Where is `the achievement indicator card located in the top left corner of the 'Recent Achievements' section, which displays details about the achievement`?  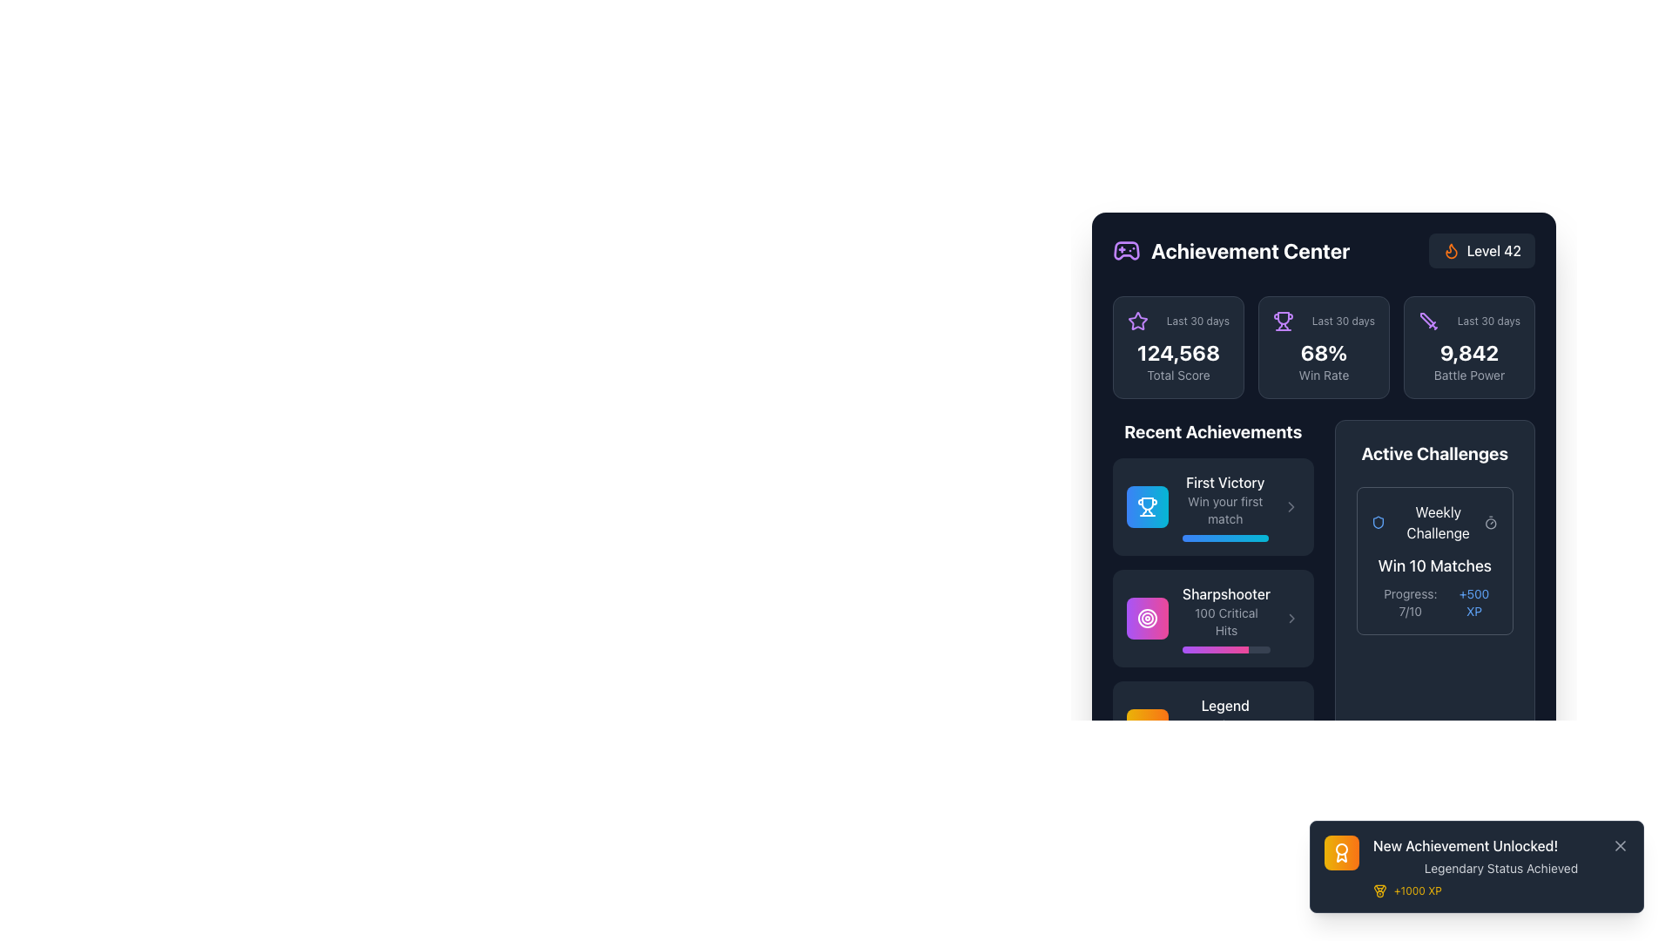 the achievement indicator card located in the top left corner of the 'Recent Achievements' section, which displays details about the achievement is located at coordinates (1212, 507).